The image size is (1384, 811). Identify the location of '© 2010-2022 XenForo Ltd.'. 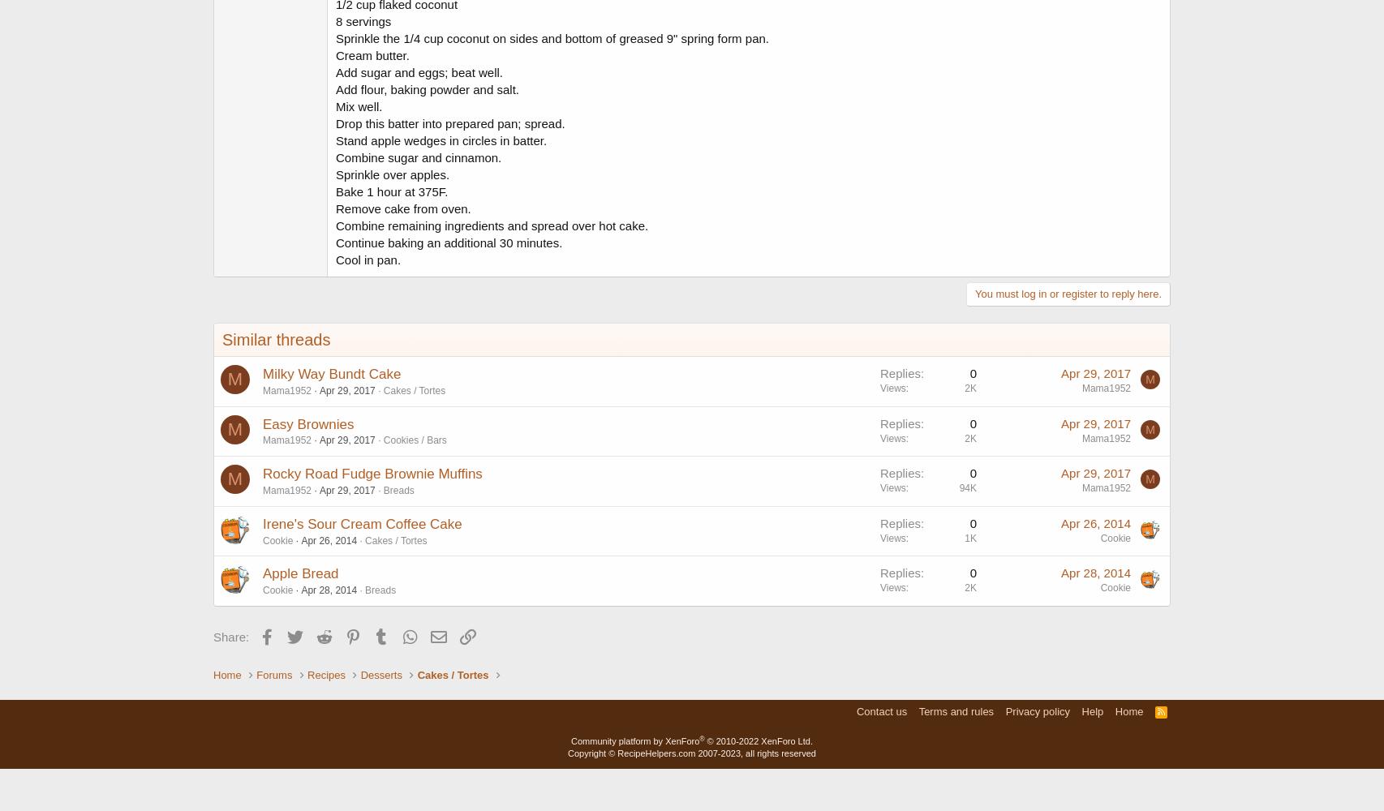
(707, 740).